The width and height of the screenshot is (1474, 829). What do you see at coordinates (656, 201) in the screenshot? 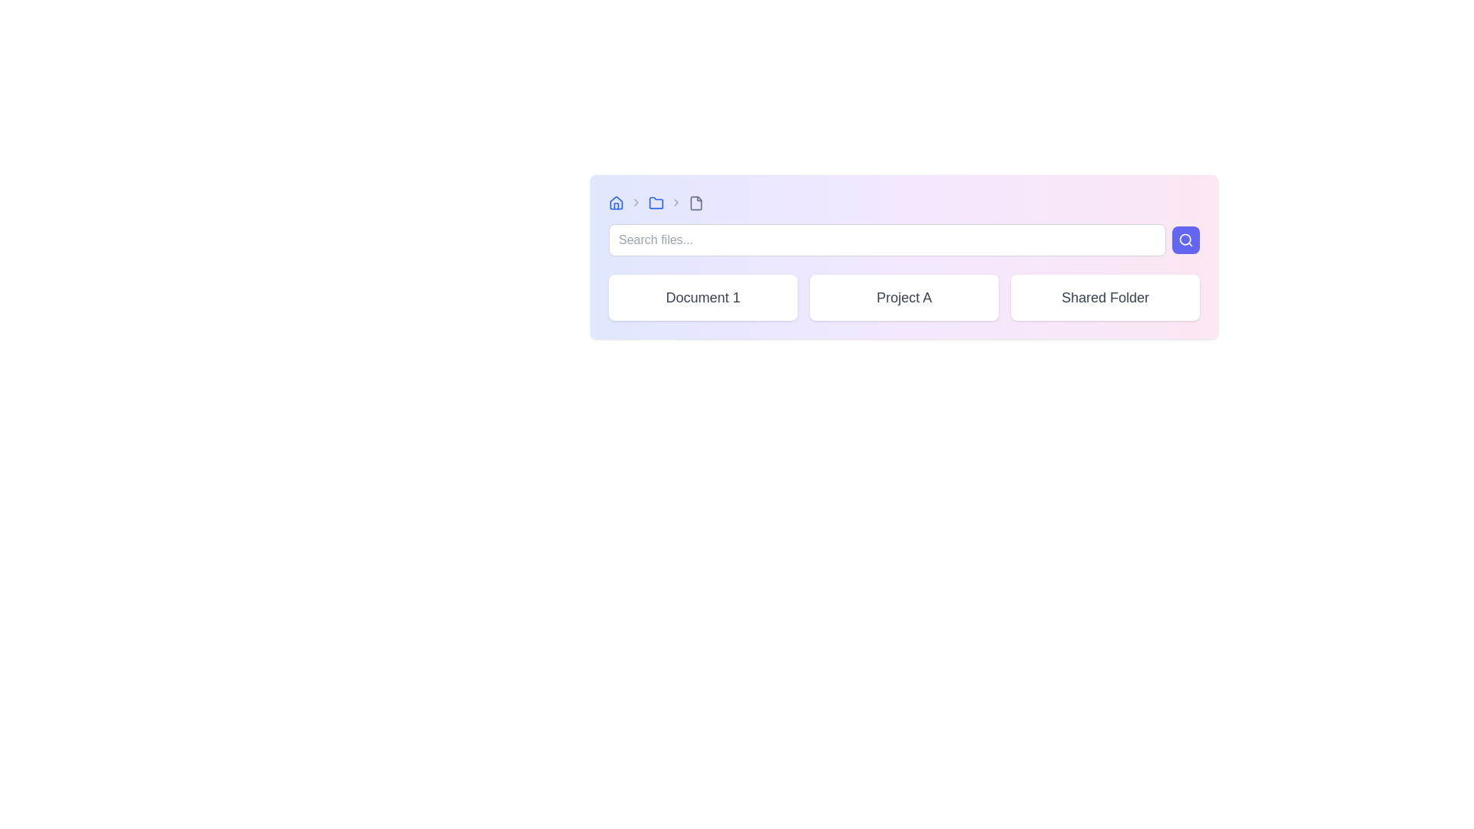
I see `the blue folder icon located in the top-left navigation toolbar` at bounding box center [656, 201].